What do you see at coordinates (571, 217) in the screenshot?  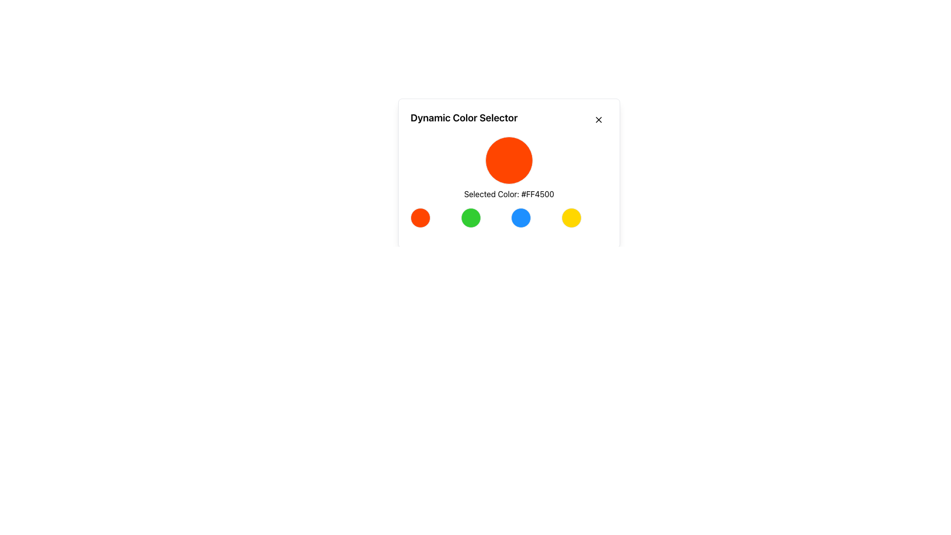 I see `the fourth button from the left in a grid of buttons, located at the rightmost position below an orange preview circle` at bounding box center [571, 217].